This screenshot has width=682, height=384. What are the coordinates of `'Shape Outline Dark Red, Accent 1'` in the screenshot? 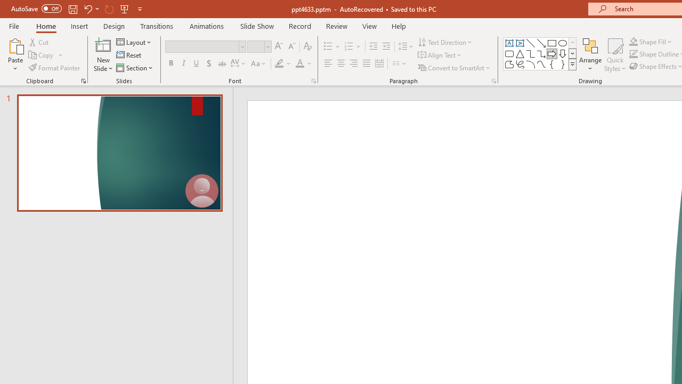 It's located at (634, 54).